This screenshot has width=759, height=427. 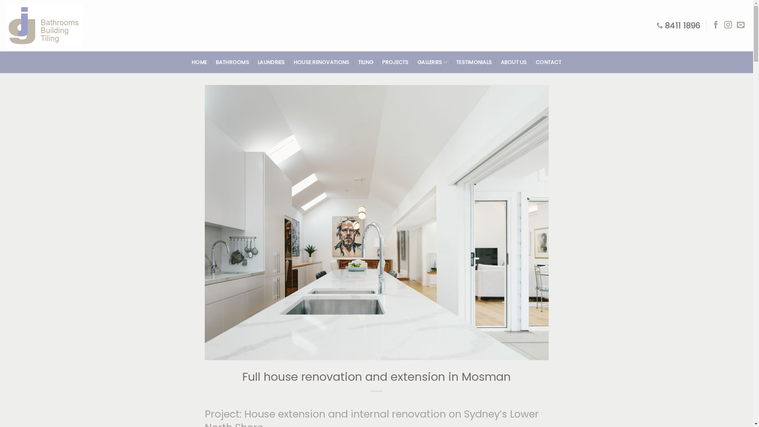 What do you see at coordinates (432, 62) in the screenshot?
I see `'GALLERIES'` at bounding box center [432, 62].